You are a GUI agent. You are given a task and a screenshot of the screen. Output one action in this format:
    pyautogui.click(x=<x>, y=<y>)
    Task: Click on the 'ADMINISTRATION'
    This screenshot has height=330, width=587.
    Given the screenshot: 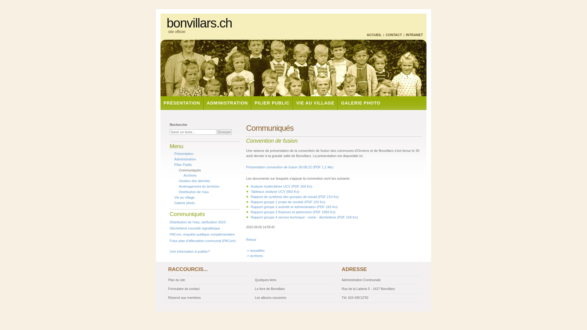 What is the action you would take?
    pyautogui.click(x=227, y=103)
    